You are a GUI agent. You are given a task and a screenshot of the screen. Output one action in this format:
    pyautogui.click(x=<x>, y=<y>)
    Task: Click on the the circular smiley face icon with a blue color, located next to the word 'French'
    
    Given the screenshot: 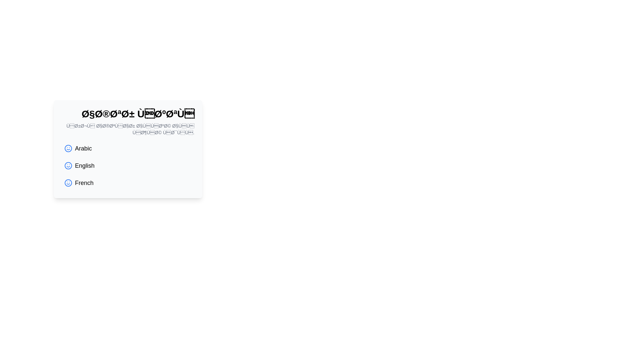 What is the action you would take?
    pyautogui.click(x=68, y=183)
    